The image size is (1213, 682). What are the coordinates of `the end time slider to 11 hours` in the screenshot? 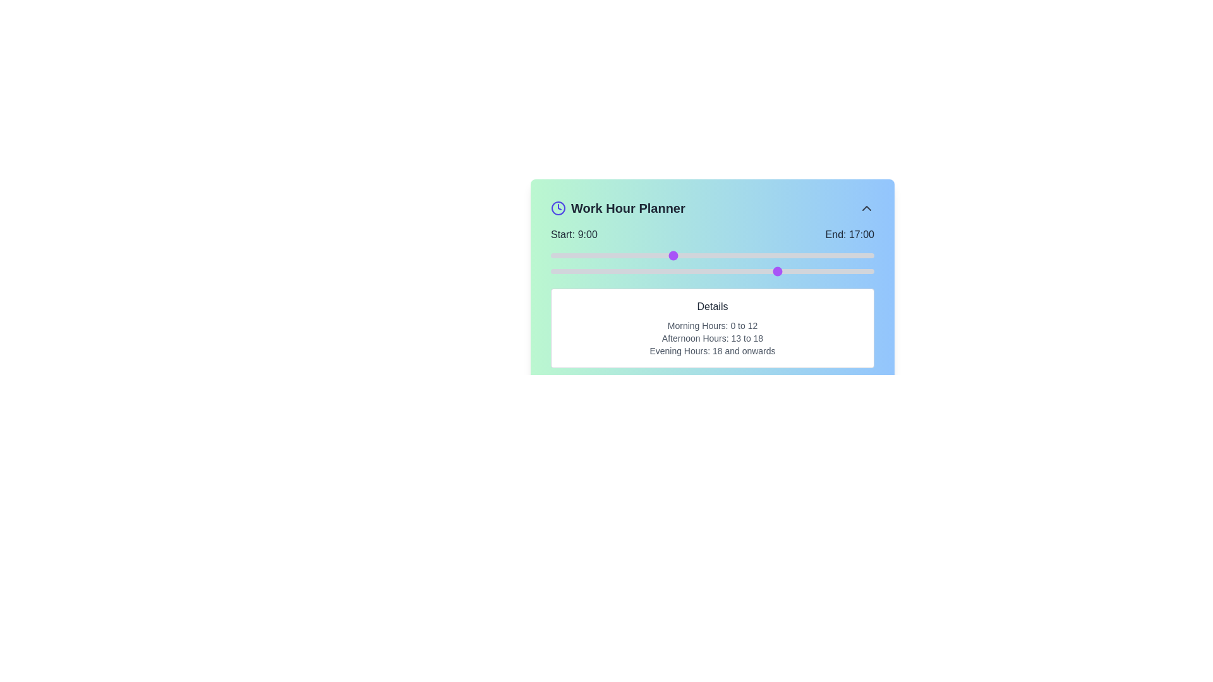 It's located at (698, 270).